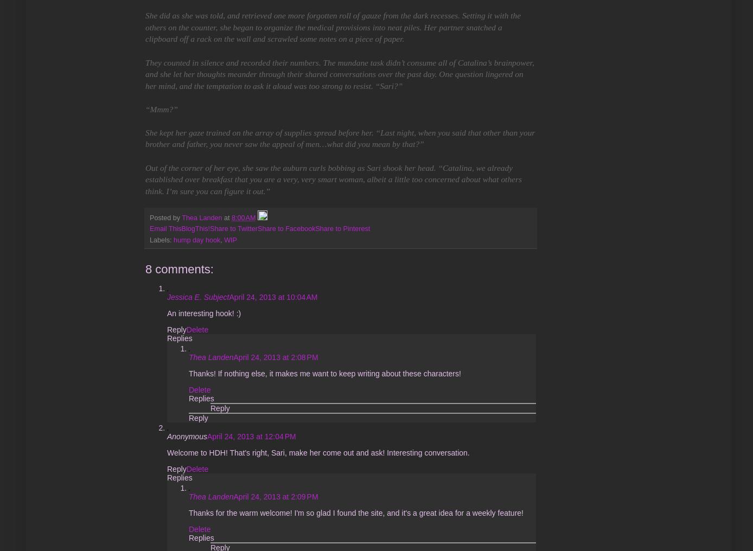 The width and height of the screenshot is (753, 551). Describe the element at coordinates (276, 496) in the screenshot. I see `'April 24, 2013 at 2:09 PM'` at that location.